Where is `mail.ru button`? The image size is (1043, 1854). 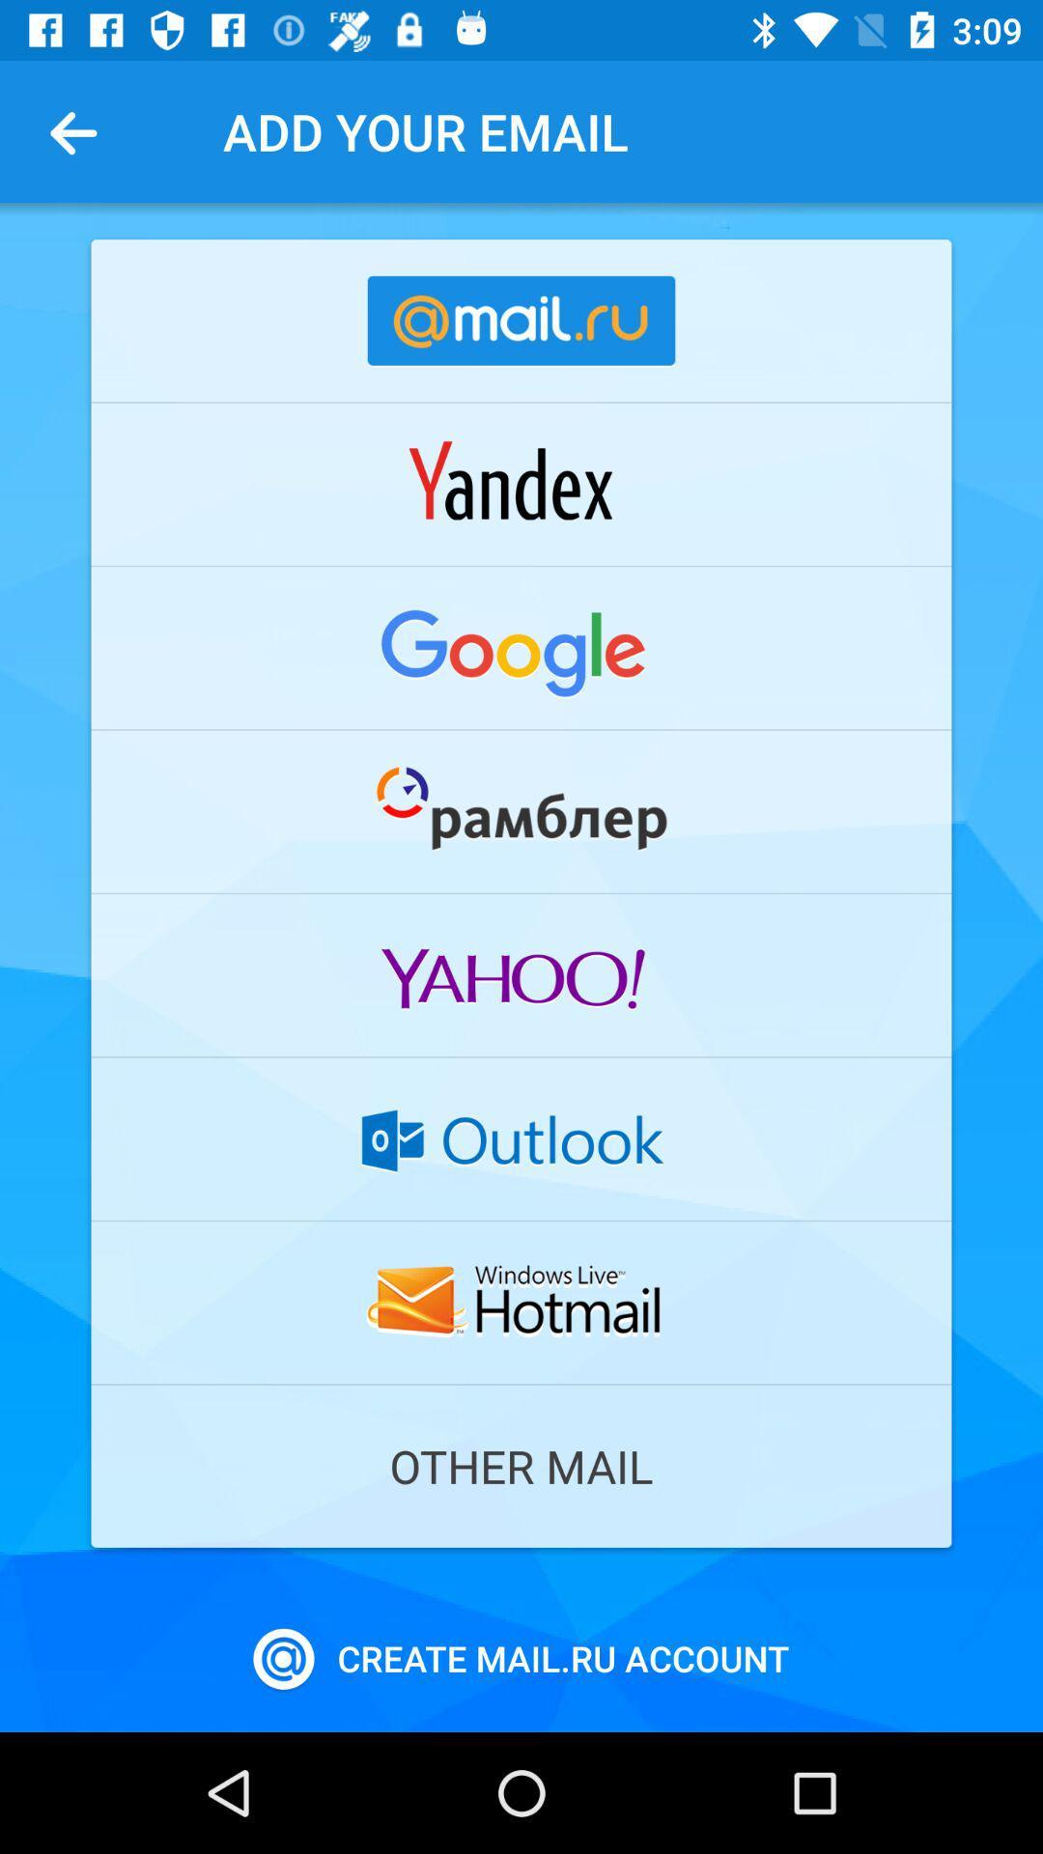
mail.ru button is located at coordinates (521, 321).